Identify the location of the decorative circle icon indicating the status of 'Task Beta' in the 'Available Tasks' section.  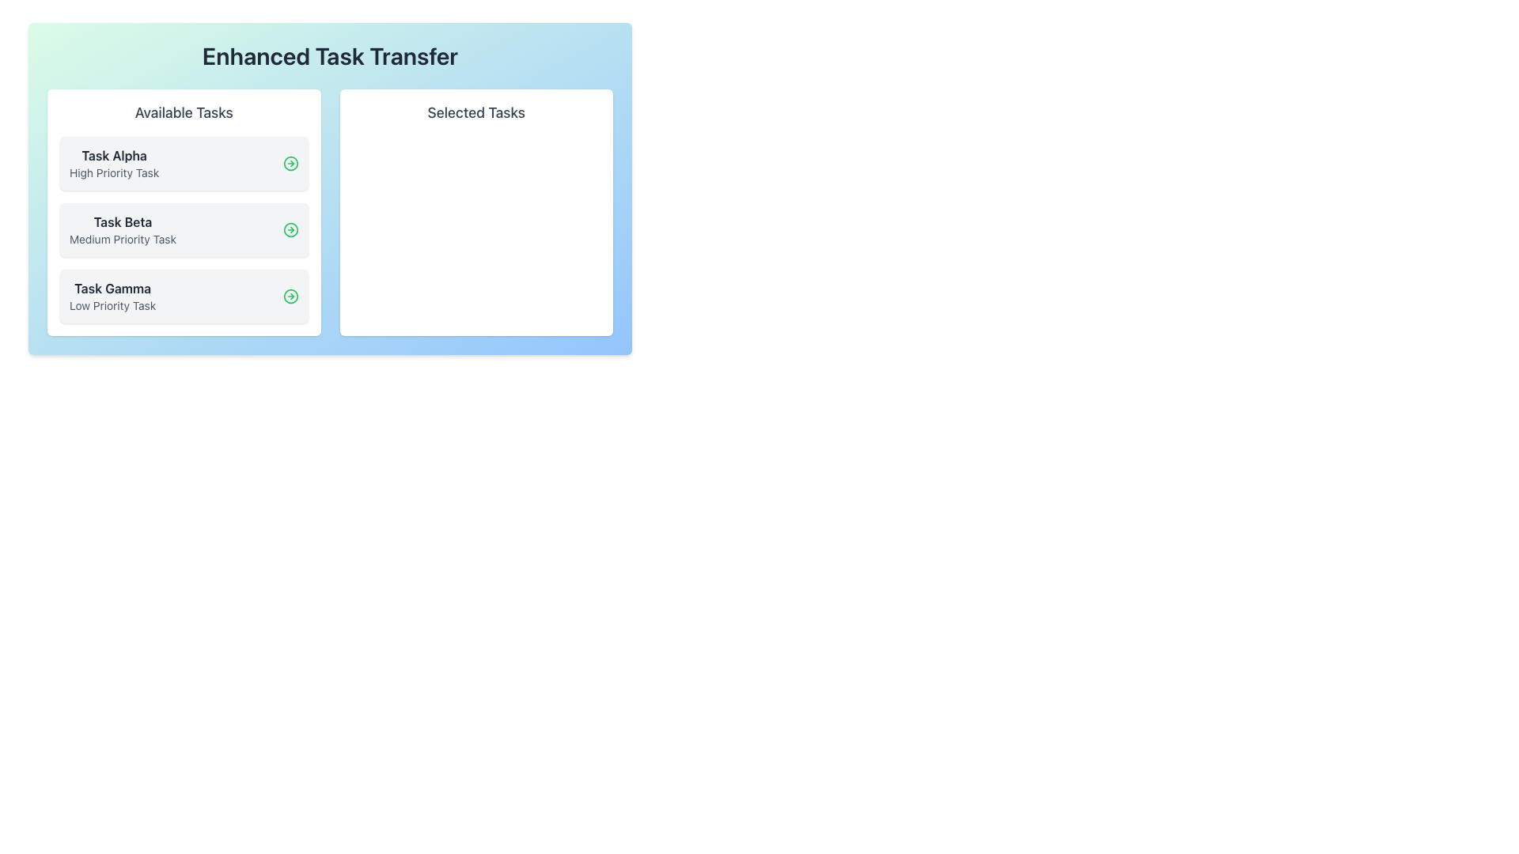
(290, 229).